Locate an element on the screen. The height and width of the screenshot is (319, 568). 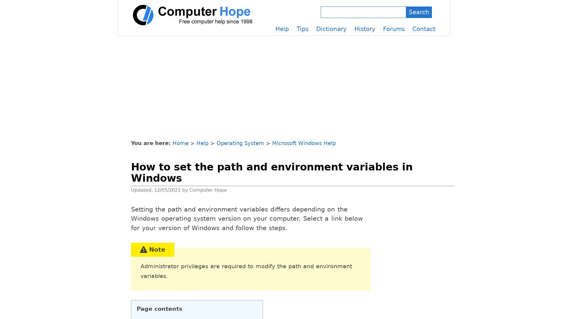
Search is located at coordinates (419, 12).